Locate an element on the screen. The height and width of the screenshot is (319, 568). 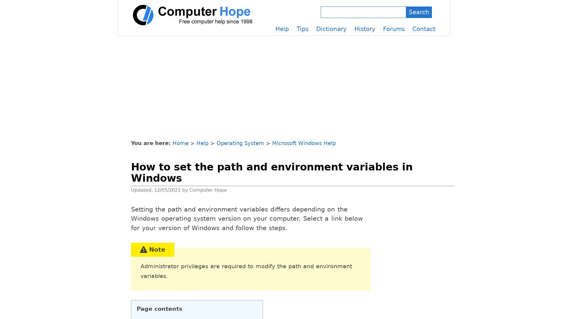
Search is located at coordinates (419, 12).